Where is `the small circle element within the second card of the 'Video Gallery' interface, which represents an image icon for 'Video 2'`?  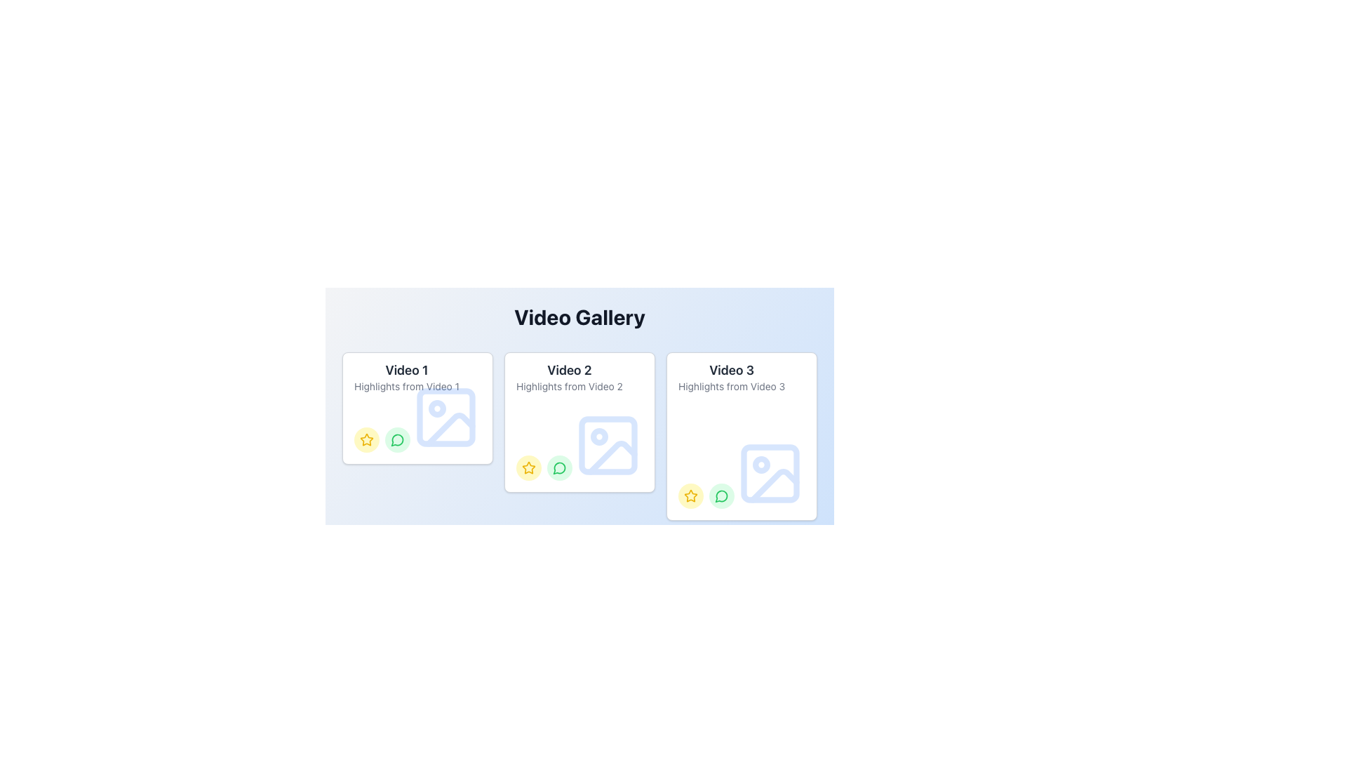
the small circle element within the second card of the 'Video Gallery' interface, which represents an image icon for 'Video 2' is located at coordinates (599, 436).